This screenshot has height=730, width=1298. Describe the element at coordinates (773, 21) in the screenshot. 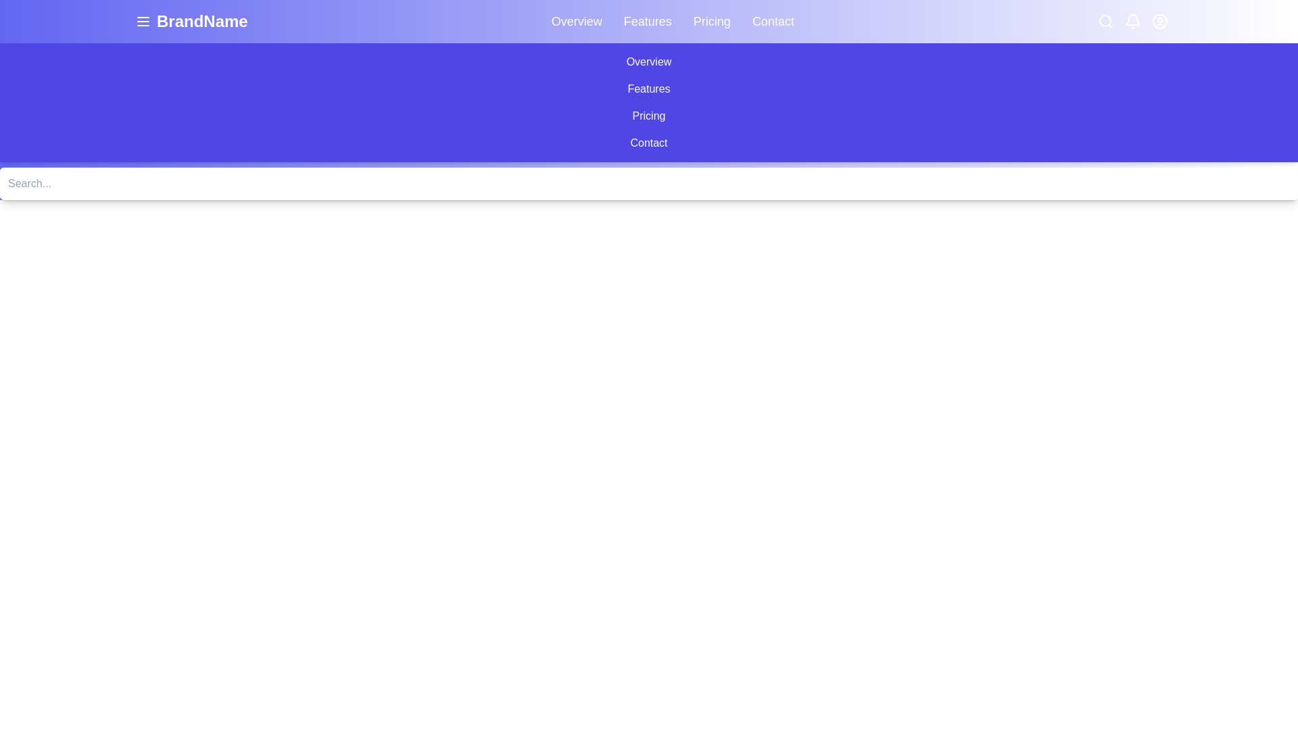

I see `the fourth item in the horizontal navigation menu bar, which is a hyperlink leading to the 'Contact' section` at that location.